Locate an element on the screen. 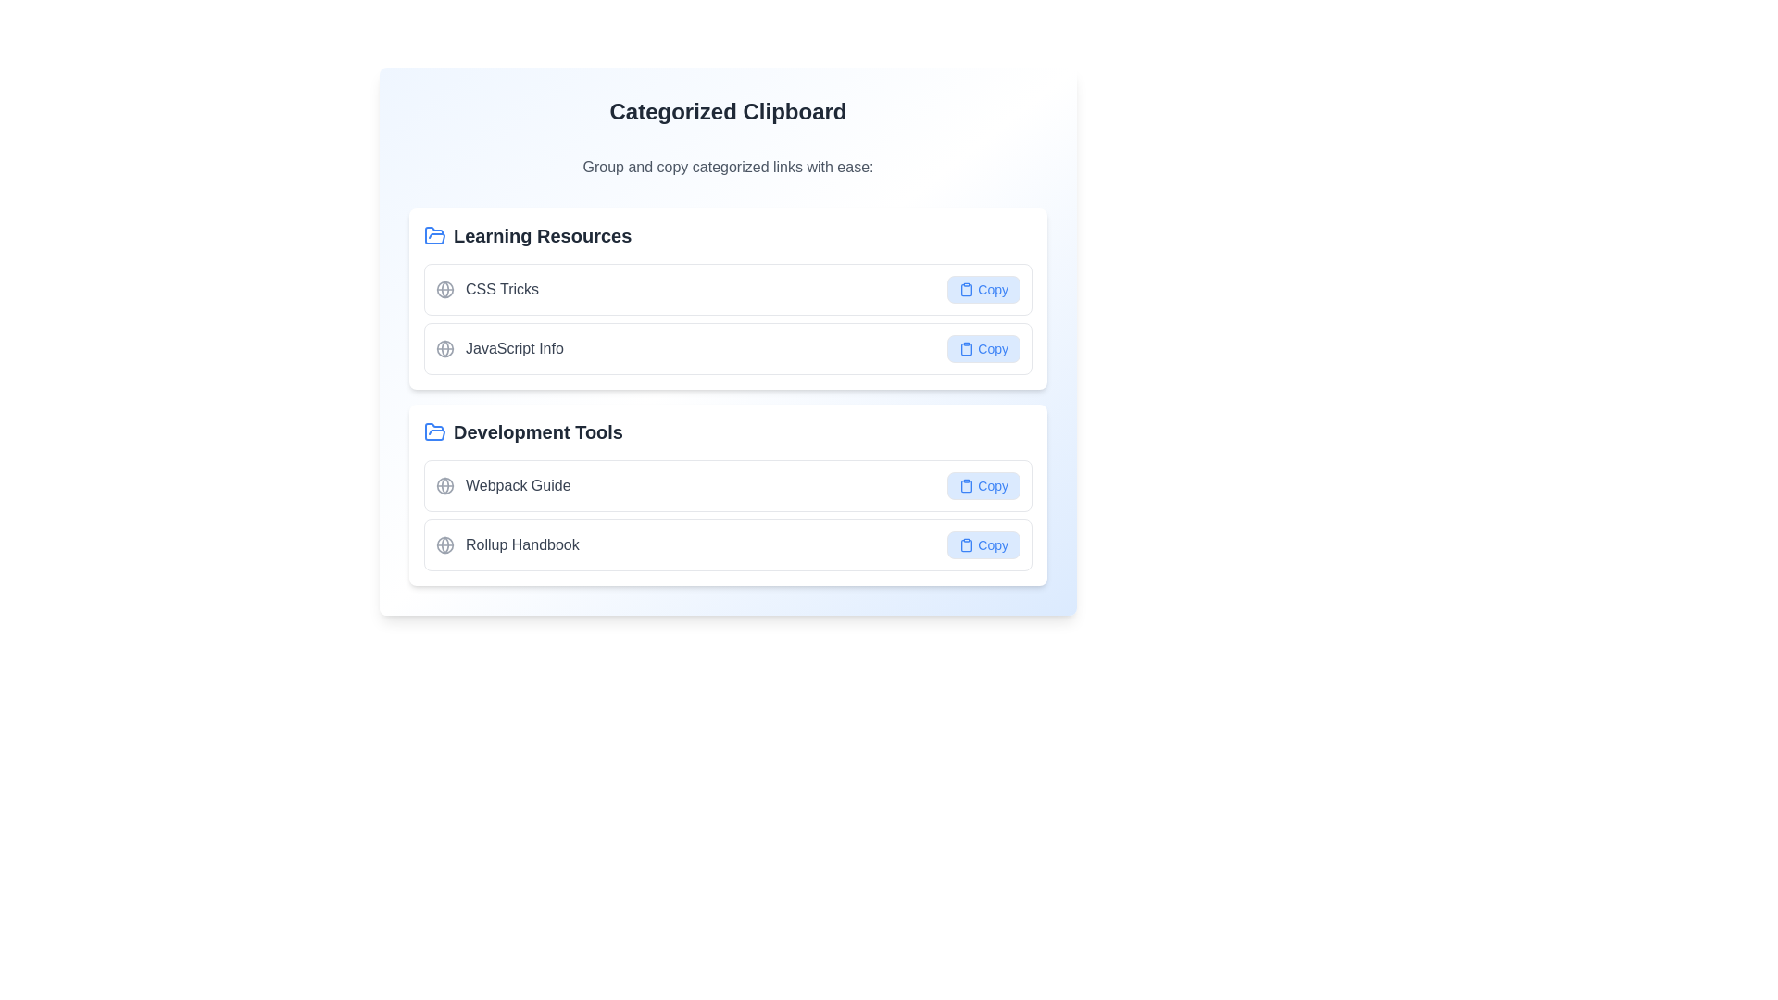 Image resolution: width=1778 pixels, height=1000 pixels. the 'Copy' button of the second List Item within the 'Development Tools' category, which provides information about the 'Rollup Handbook' is located at coordinates (727, 544).